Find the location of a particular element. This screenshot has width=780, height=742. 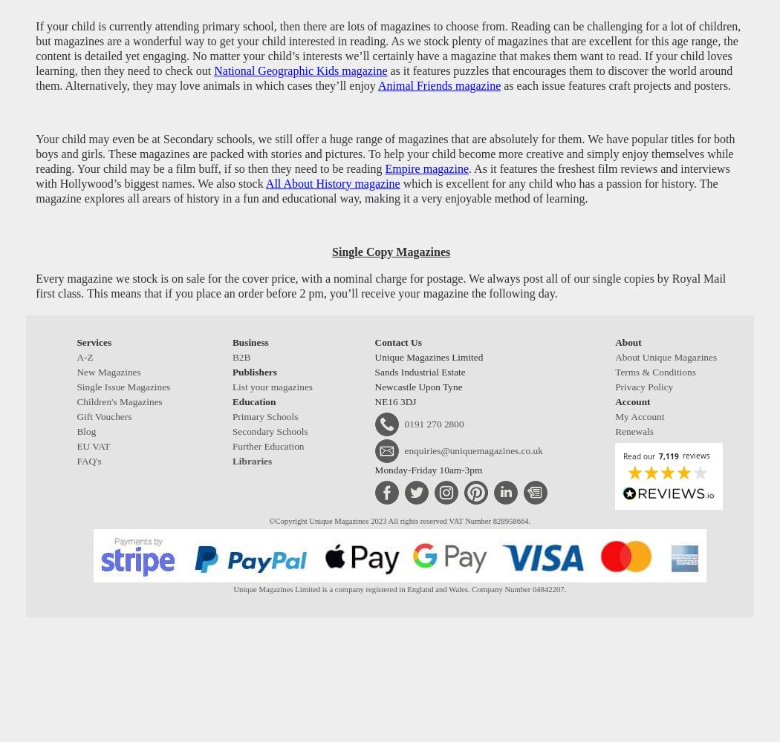

'which is excellent for any child who has a passion for history. The magazine explores all arears of history in a fun and educational way, making it a very enjoyable method of learning.' is located at coordinates (376, 190).